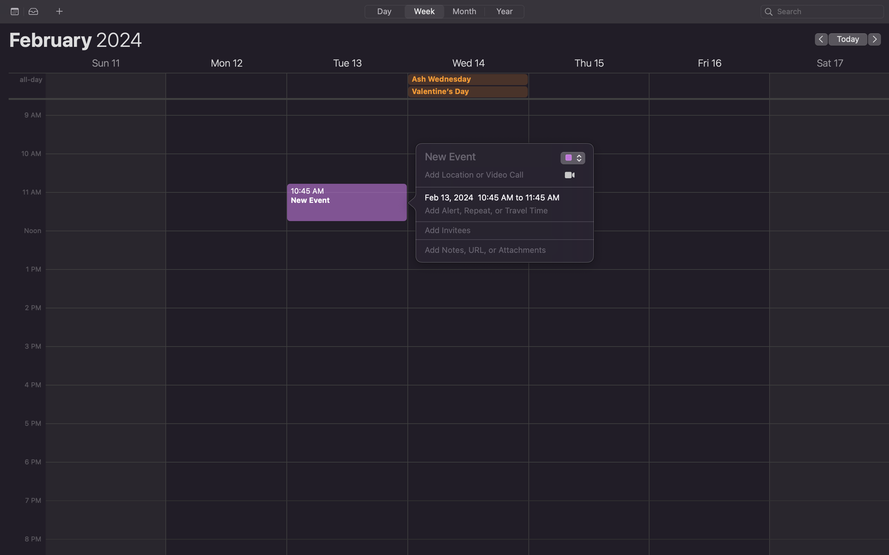 The height and width of the screenshot is (555, 889). I want to click on Add the invitee with email "alice@gmail.com, so click(496, 231).